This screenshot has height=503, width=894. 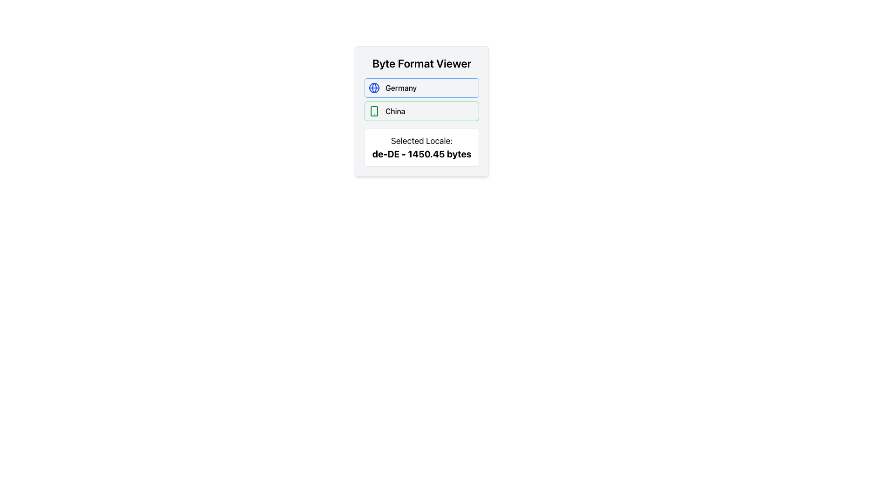 I want to click on on the selectable list item labeled 'Germany' located below the title 'Byte Format Viewer', so click(x=421, y=88).